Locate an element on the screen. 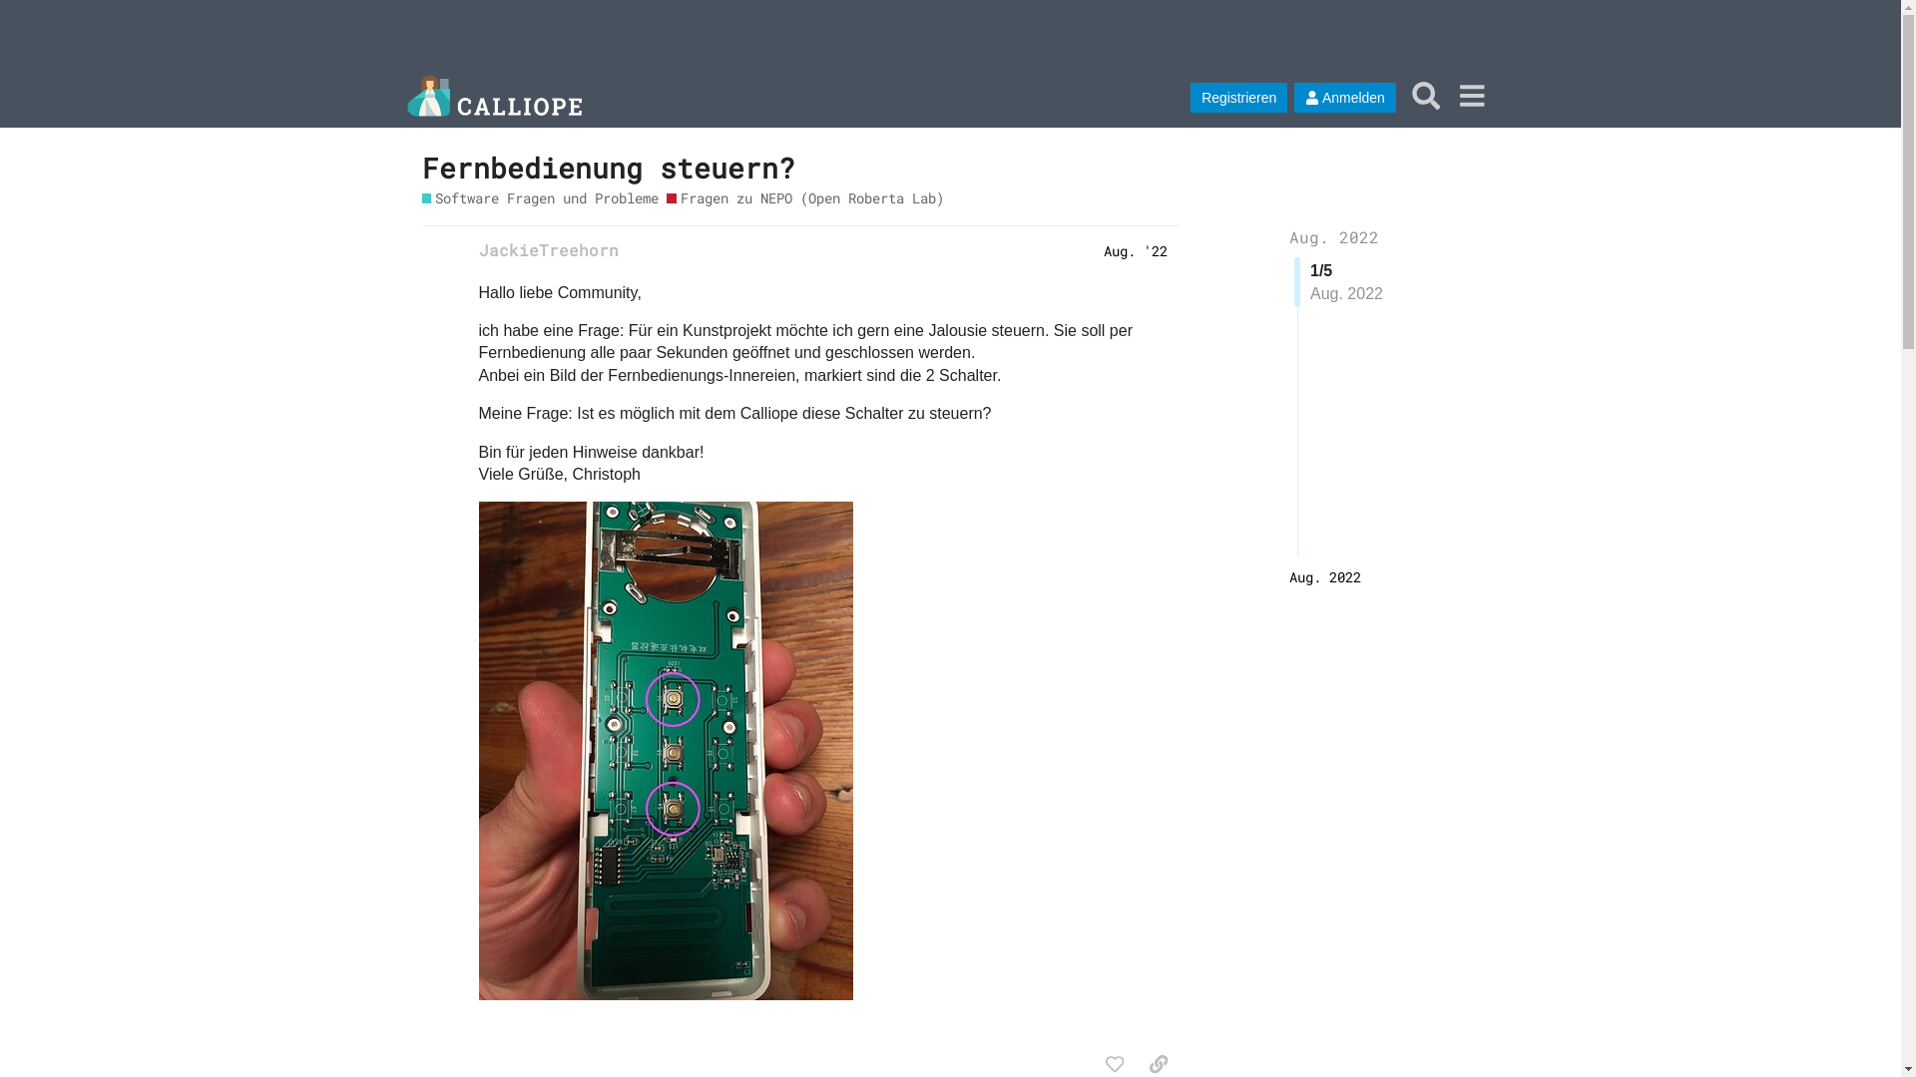  'IMG_4734' is located at coordinates (666, 750).